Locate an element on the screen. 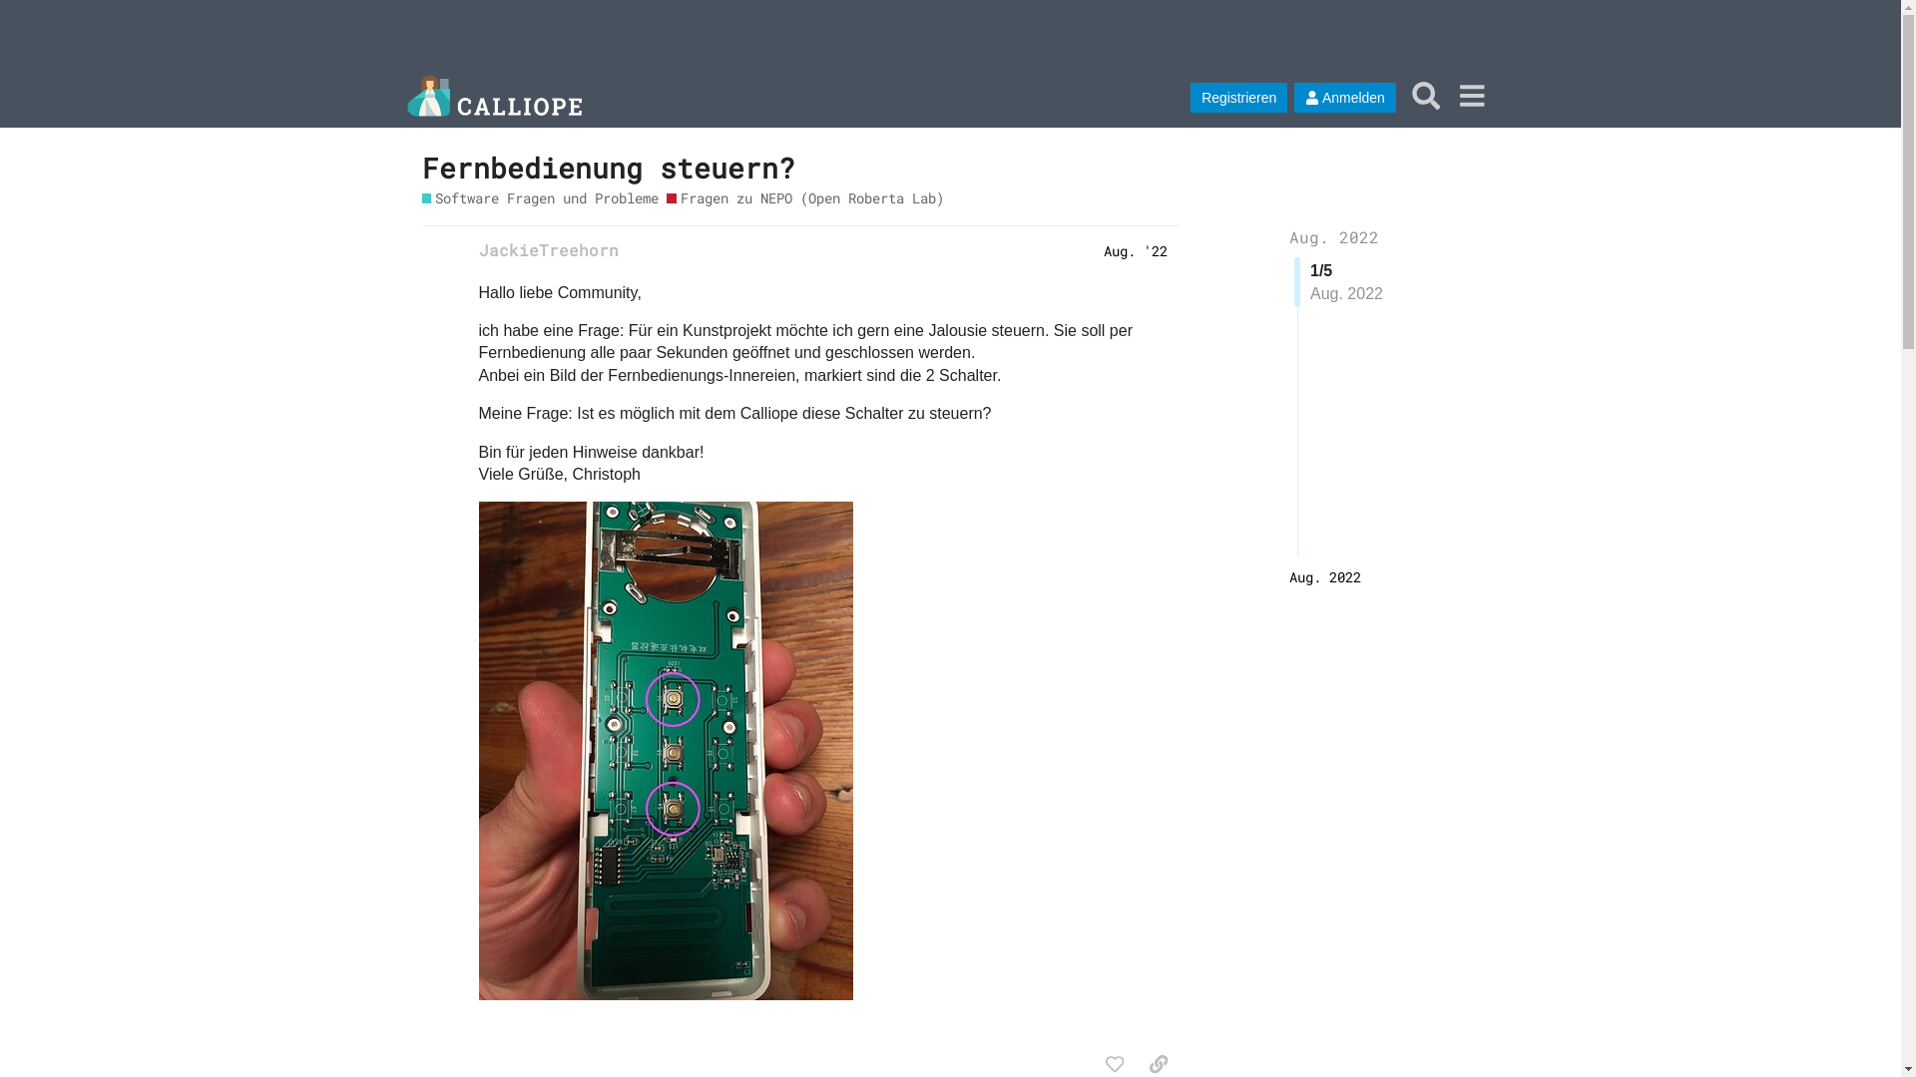  'IMG_4734' is located at coordinates (666, 750).